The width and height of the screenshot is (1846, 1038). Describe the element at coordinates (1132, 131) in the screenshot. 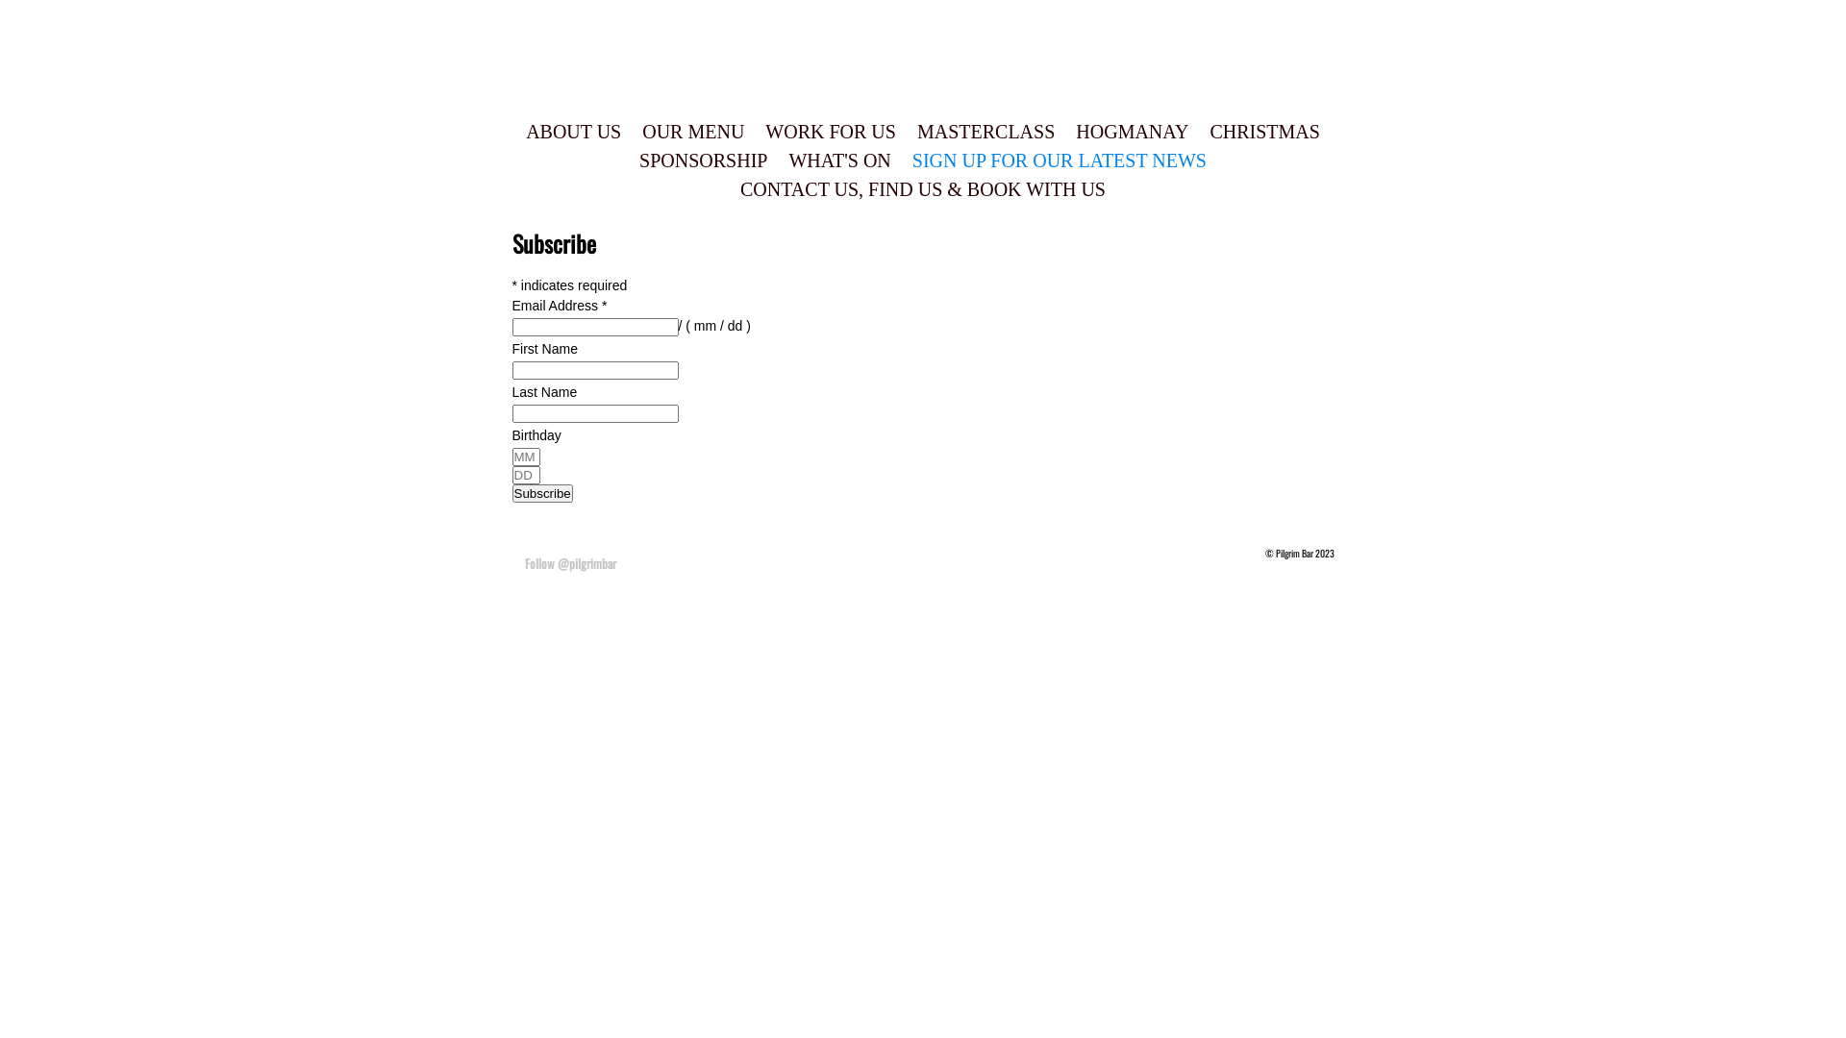

I see `'HOGMANAY'` at that location.